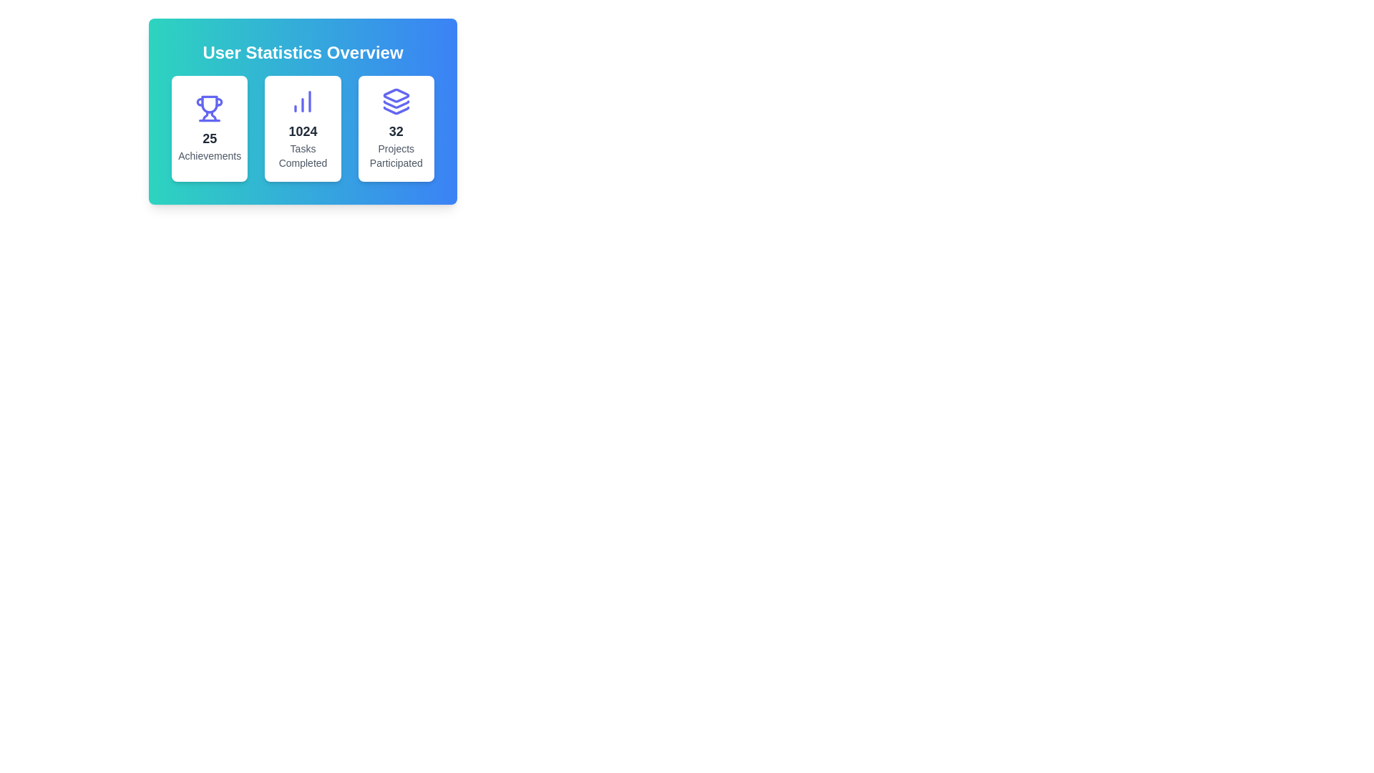 The image size is (1374, 773). Describe the element at coordinates (302, 101) in the screenshot. I see `the icon representing a bar chart, which is styled with rounded edges and features three vertical bars filled with a gradient color. This icon is centrally positioned in the second card under 'User Statistics Overview'` at that location.